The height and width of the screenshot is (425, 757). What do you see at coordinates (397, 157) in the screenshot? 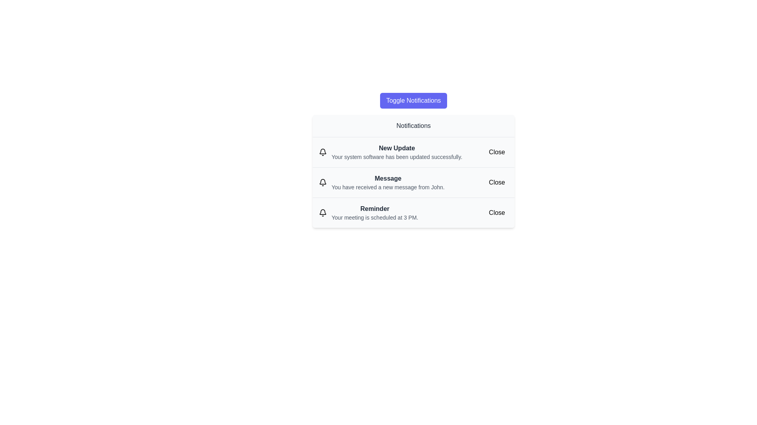
I see `the descriptive text element located below the 'New Update' title in the notification box` at bounding box center [397, 157].